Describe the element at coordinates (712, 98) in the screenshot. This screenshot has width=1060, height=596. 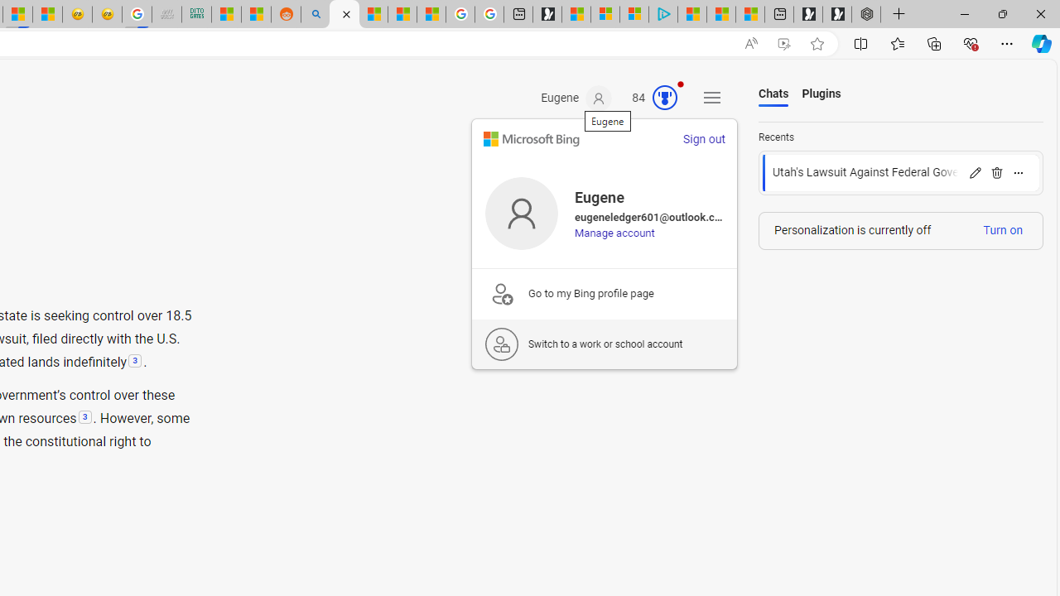
I see `'Settings and quick links'` at that location.